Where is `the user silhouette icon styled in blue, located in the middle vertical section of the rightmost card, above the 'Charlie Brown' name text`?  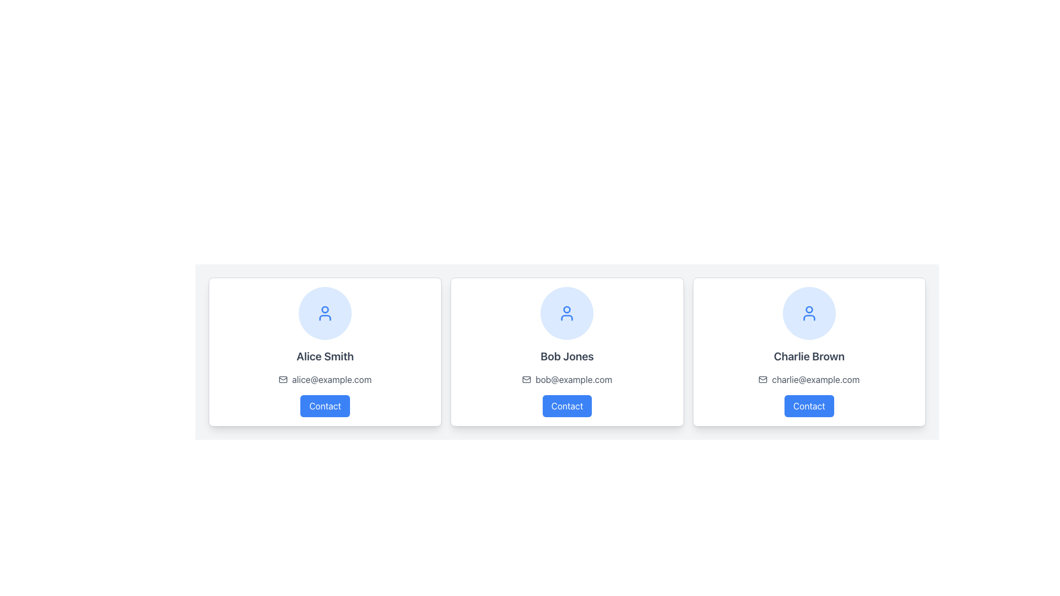
the user silhouette icon styled in blue, located in the middle vertical section of the rightmost card, above the 'Charlie Brown' name text is located at coordinates (809, 313).